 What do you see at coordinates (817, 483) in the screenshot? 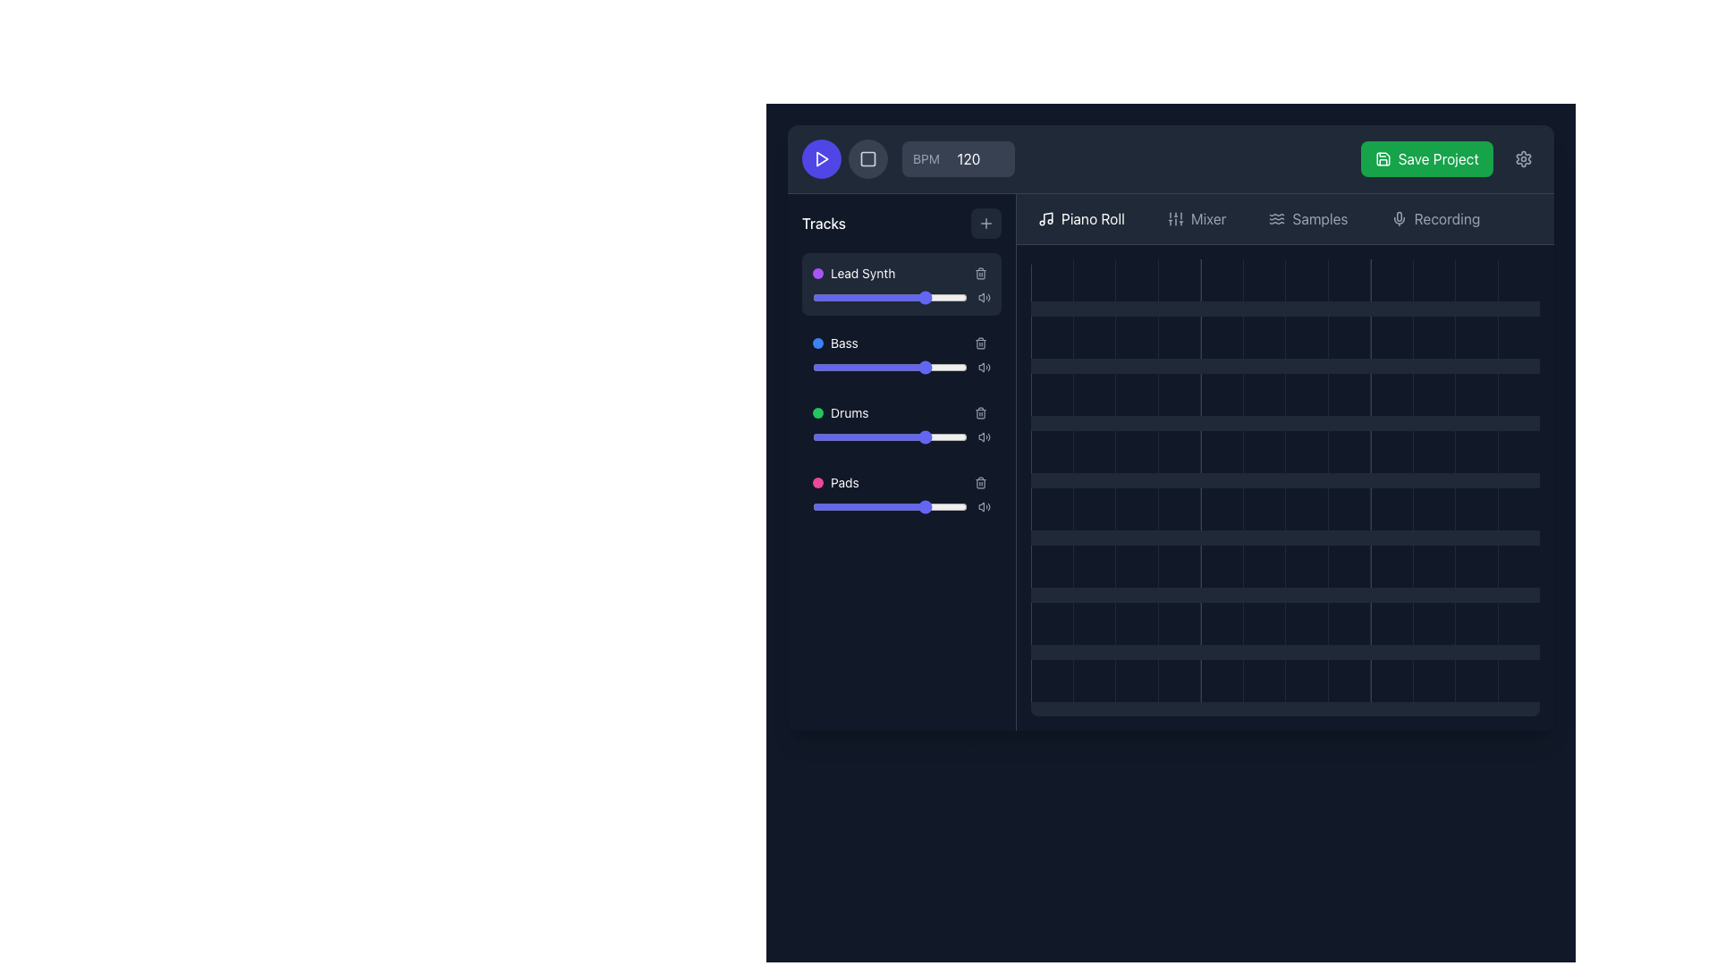
I see `the small circular pink marker located to the left of the text label 'Pads' in the fourth row of the track list` at bounding box center [817, 483].